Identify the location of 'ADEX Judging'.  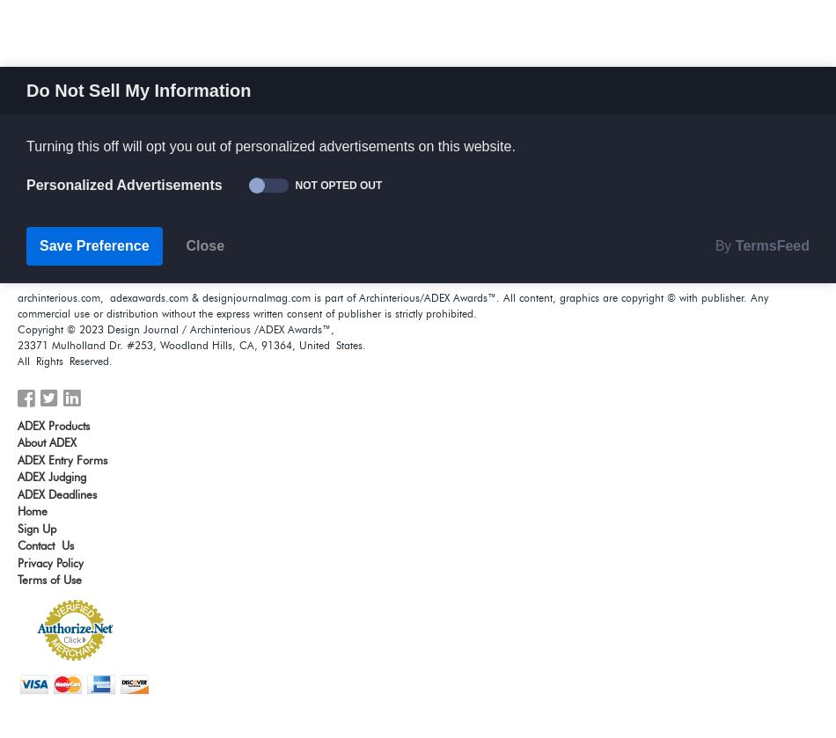
(51, 475).